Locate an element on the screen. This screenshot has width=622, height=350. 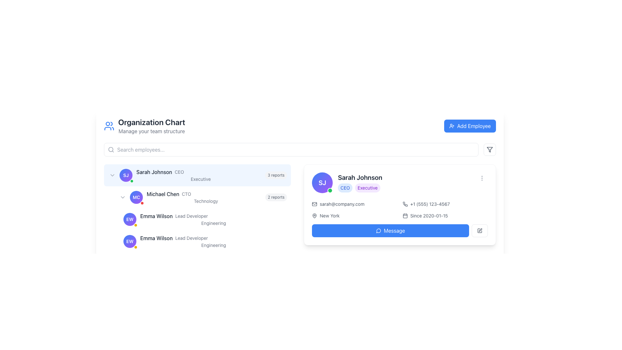
the Notification badge located in the bottom-right corner of the circular avatar displaying the initials 'EW' is located at coordinates (135, 225).